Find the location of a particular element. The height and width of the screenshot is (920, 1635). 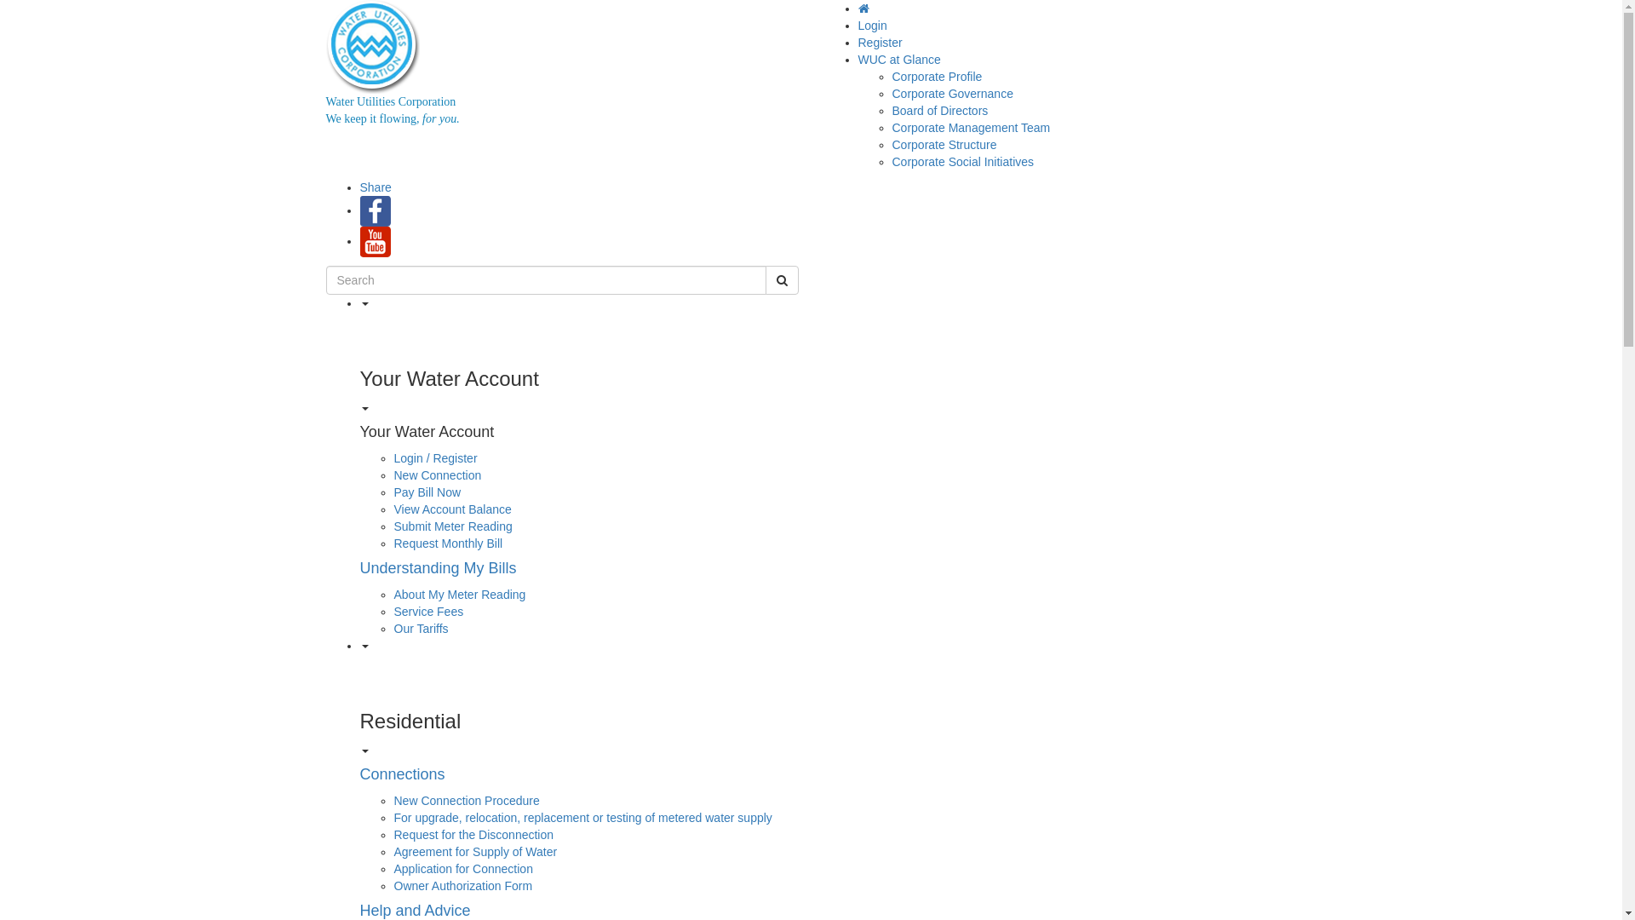

'Connections' is located at coordinates (359, 774).